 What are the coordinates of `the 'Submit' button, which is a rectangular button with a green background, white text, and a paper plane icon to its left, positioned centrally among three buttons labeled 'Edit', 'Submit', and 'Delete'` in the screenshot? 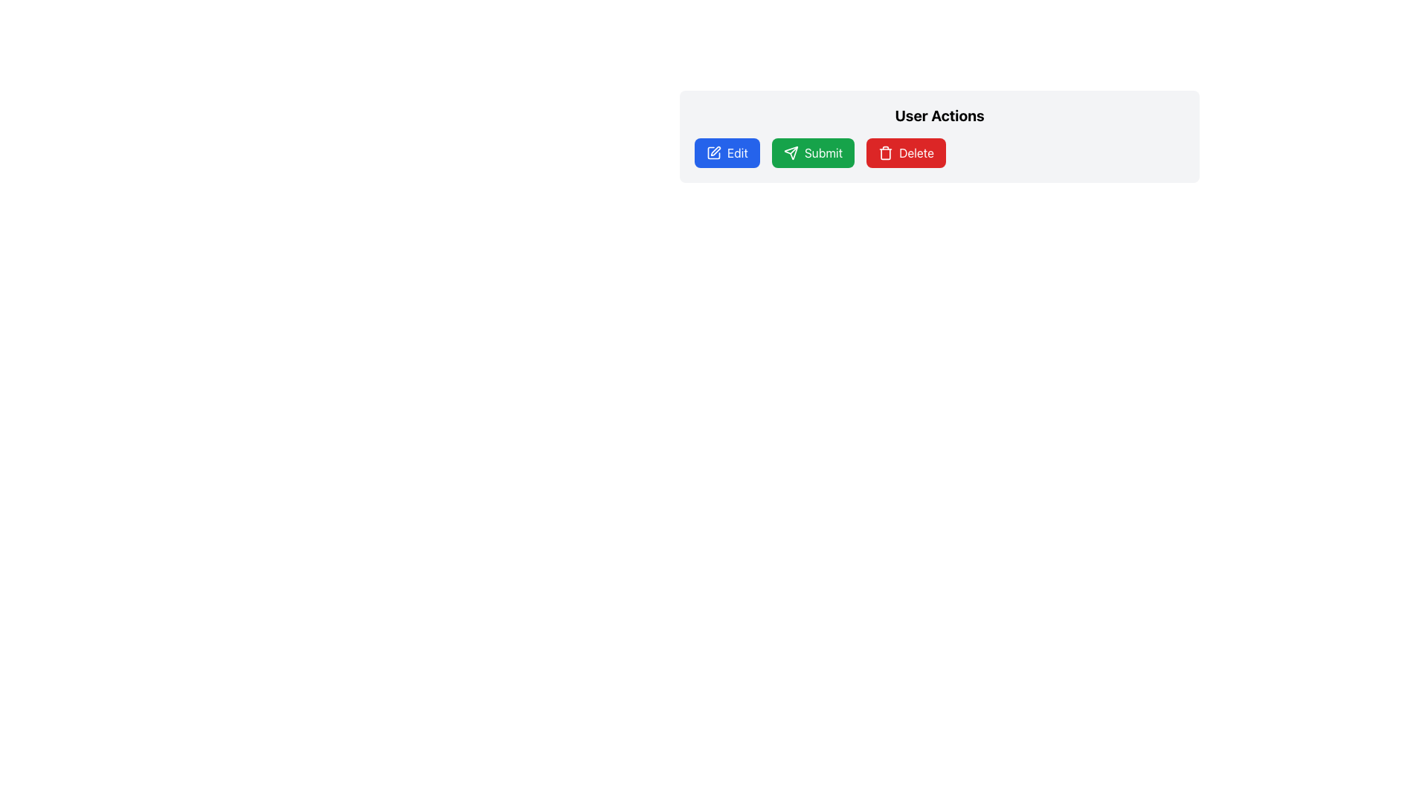 It's located at (812, 152).